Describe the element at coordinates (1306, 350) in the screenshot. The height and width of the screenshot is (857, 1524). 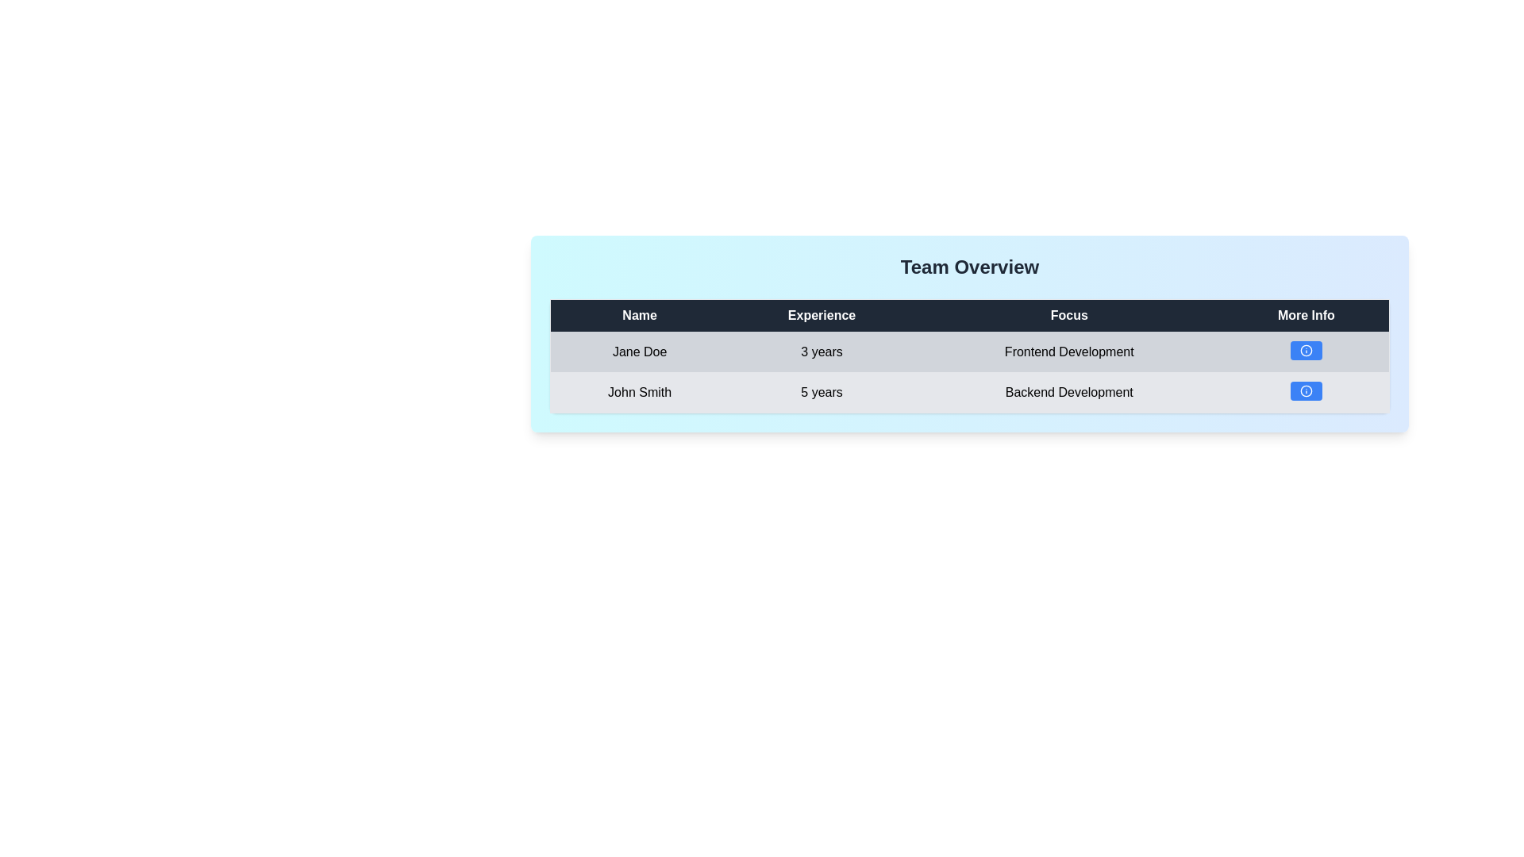
I see `the circular icon button with a blue background and white border containing an information symbol in the 'More Info' column of the first row in the 'Team Overview' table` at that location.